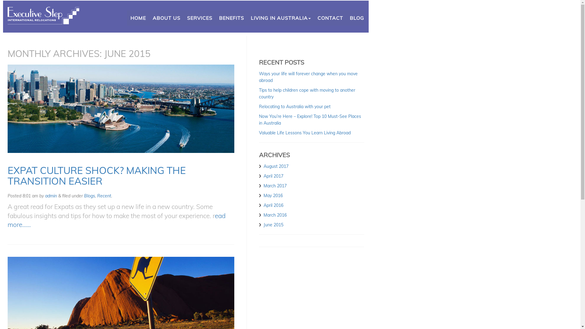 The width and height of the screenshot is (585, 329). What do you see at coordinates (166, 17) in the screenshot?
I see `'ABOUT US'` at bounding box center [166, 17].